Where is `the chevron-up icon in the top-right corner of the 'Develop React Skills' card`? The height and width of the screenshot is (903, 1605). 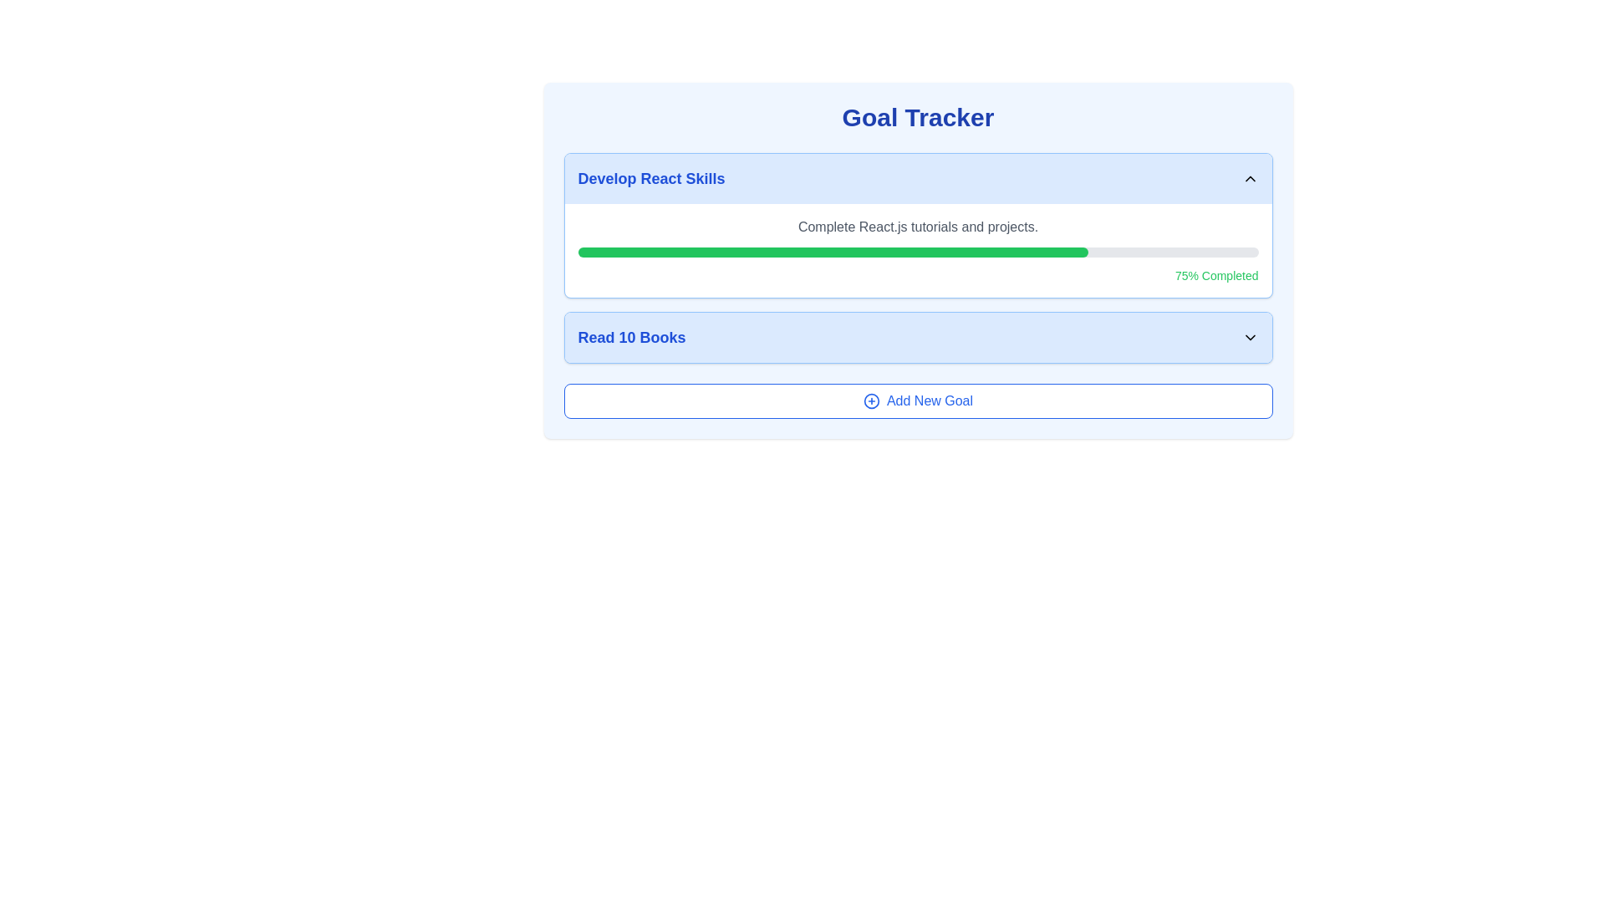 the chevron-up icon in the top-right corner of the 'Develop React Skills' card is located at coordinates (1250, 178).